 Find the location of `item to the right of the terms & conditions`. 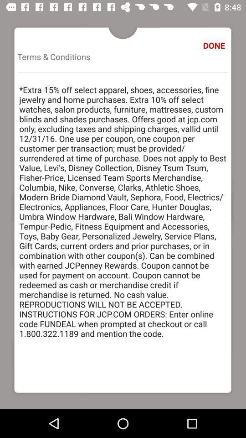

item to the right of the terms & conditions is located at coordinates (215, 45).